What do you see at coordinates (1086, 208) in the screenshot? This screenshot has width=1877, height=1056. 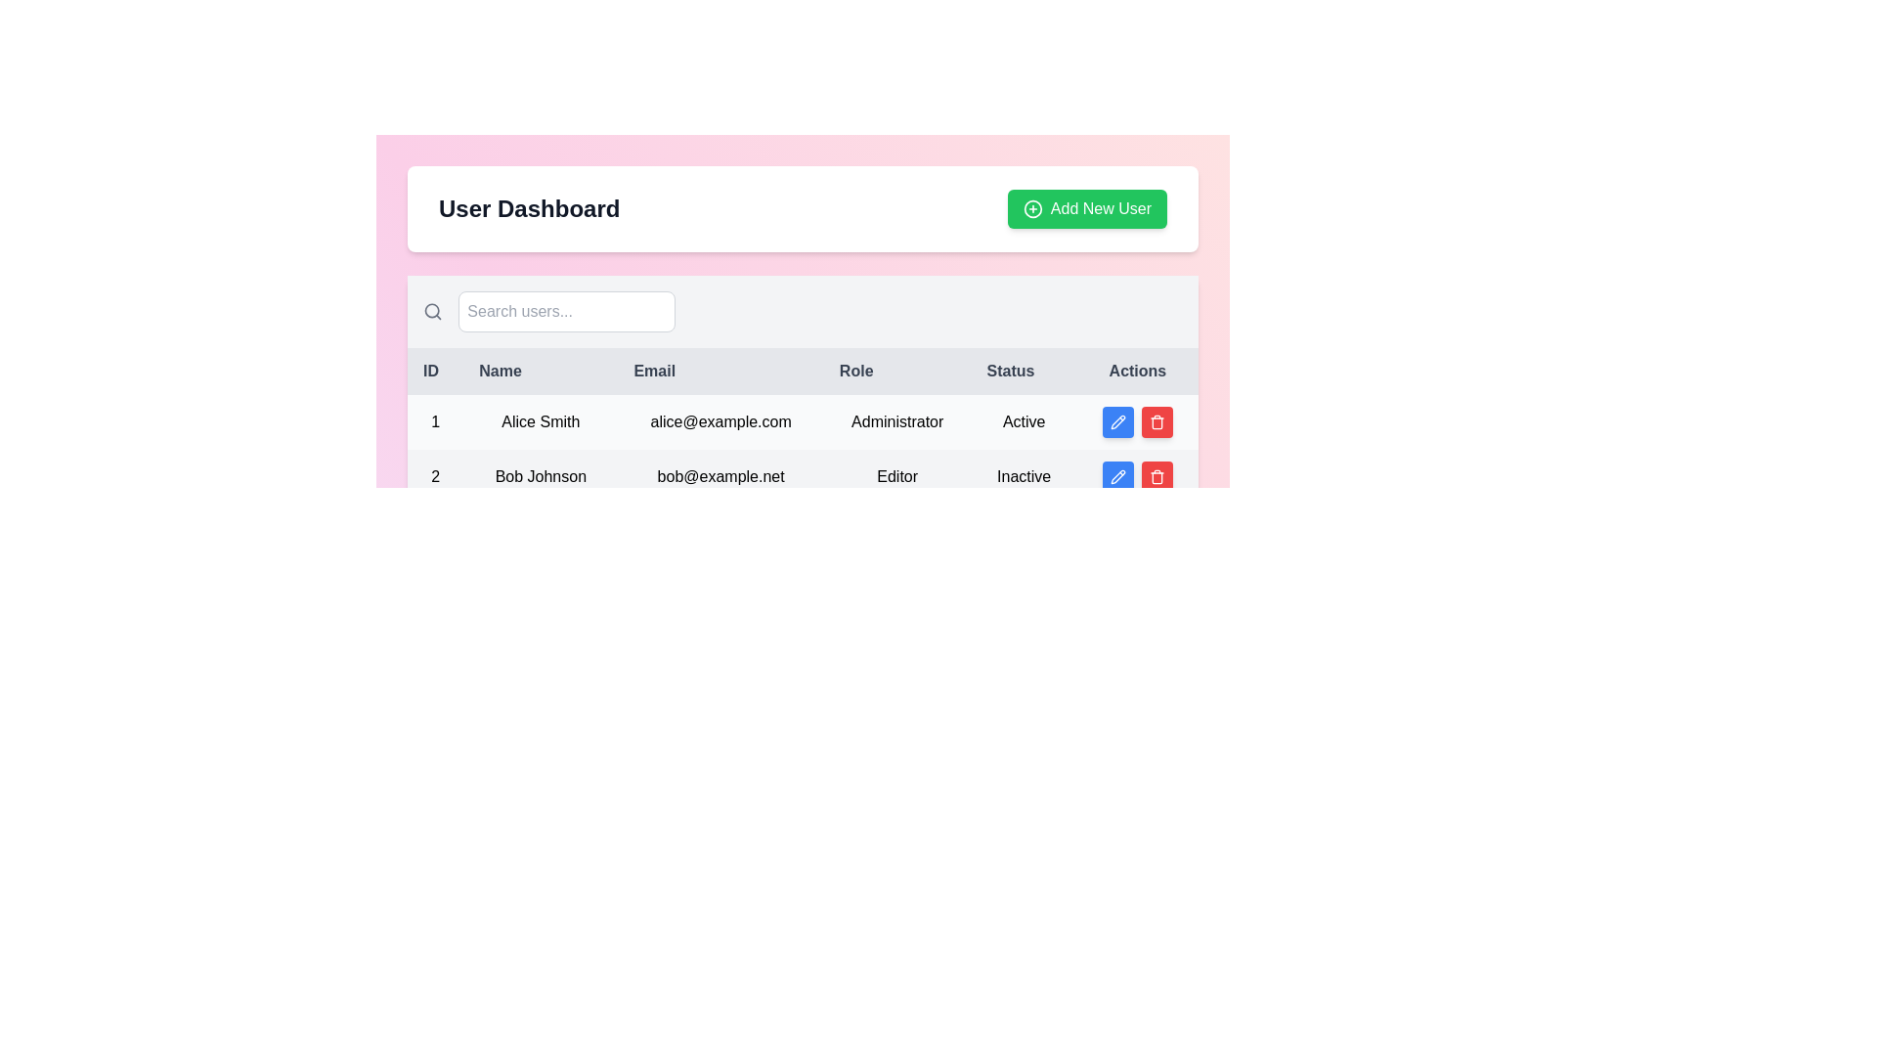 I see `the green rectangular button labeled 'Add New User' with a plus sign icon` at bounding box center [1086, 208].